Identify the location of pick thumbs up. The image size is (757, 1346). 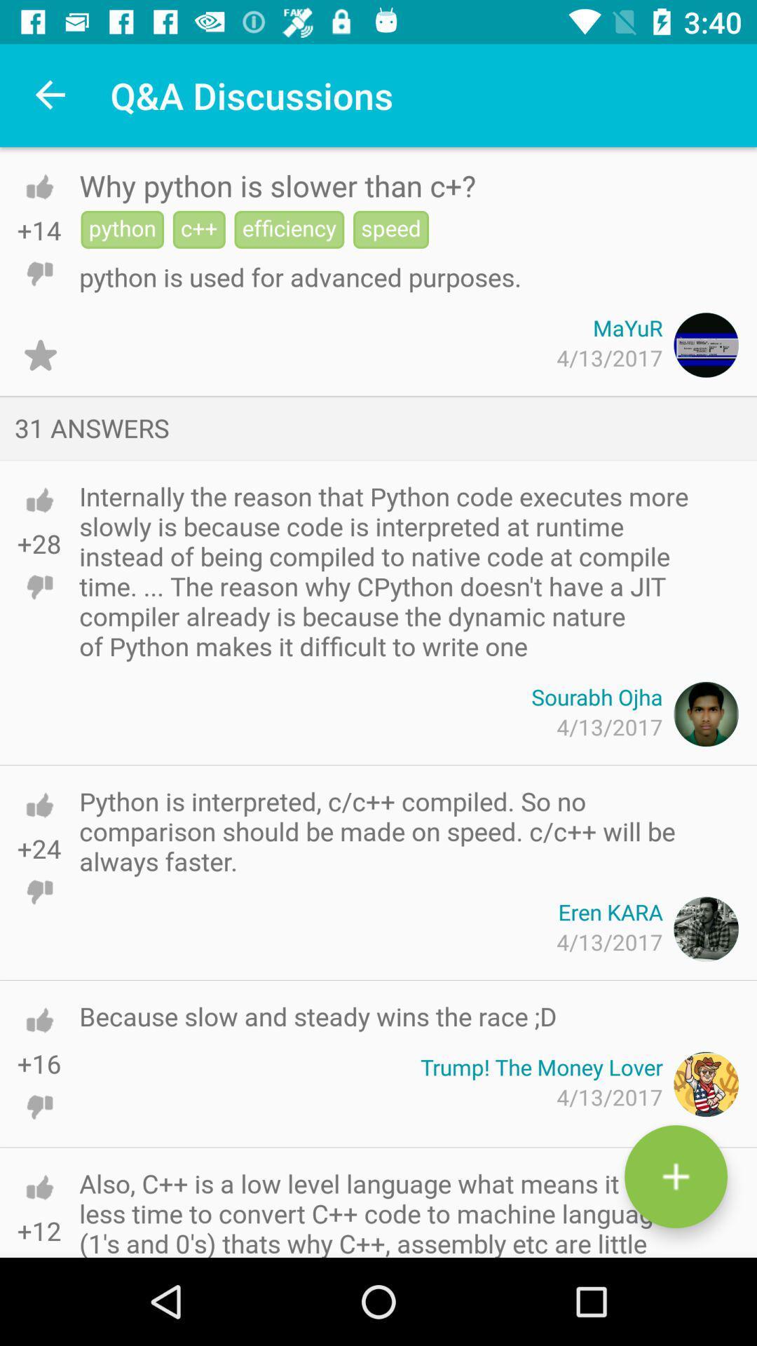
(39, 1020).